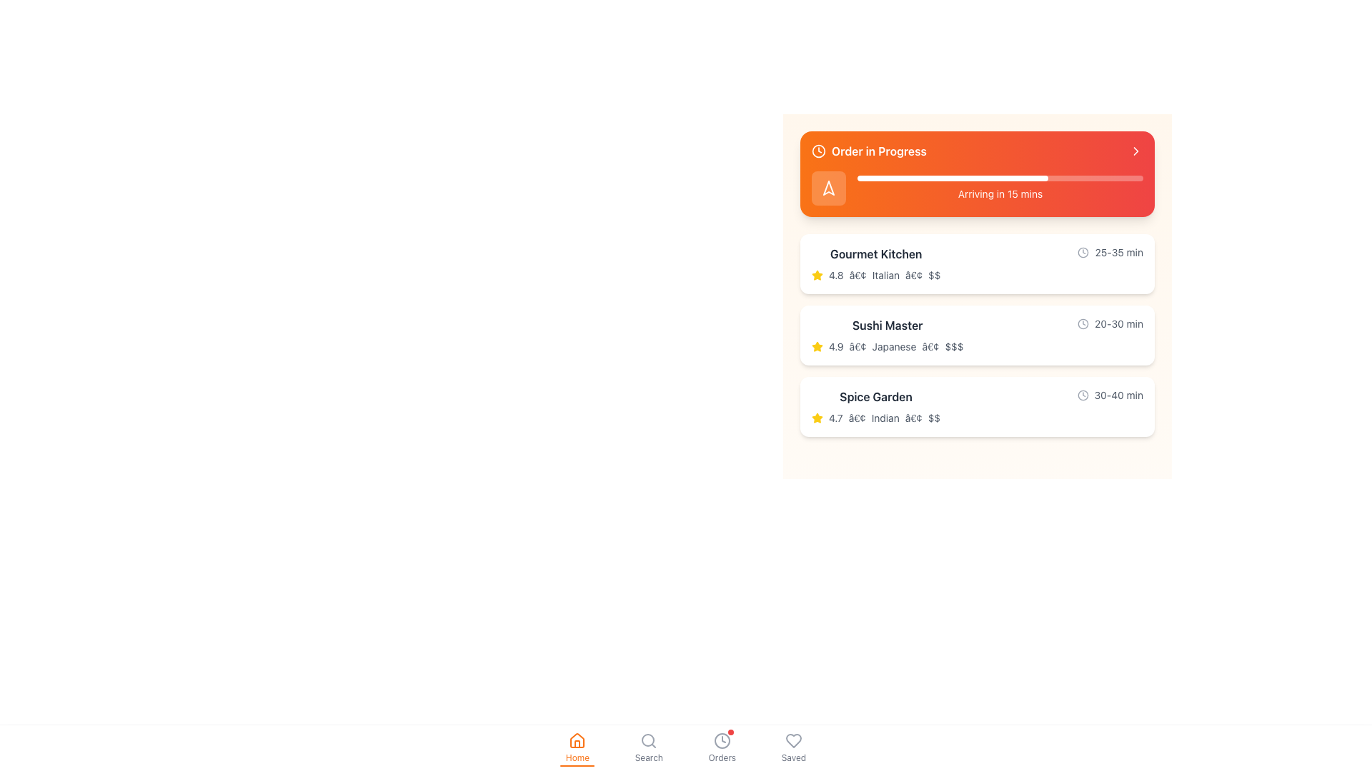 The height and width of the screenshot is (771, 1372). Describe the element at coordinates (977, 407) in the screenshot. I see `the Information Card displaying the restaurant's details, which is the third card in a vertical list` at that location.